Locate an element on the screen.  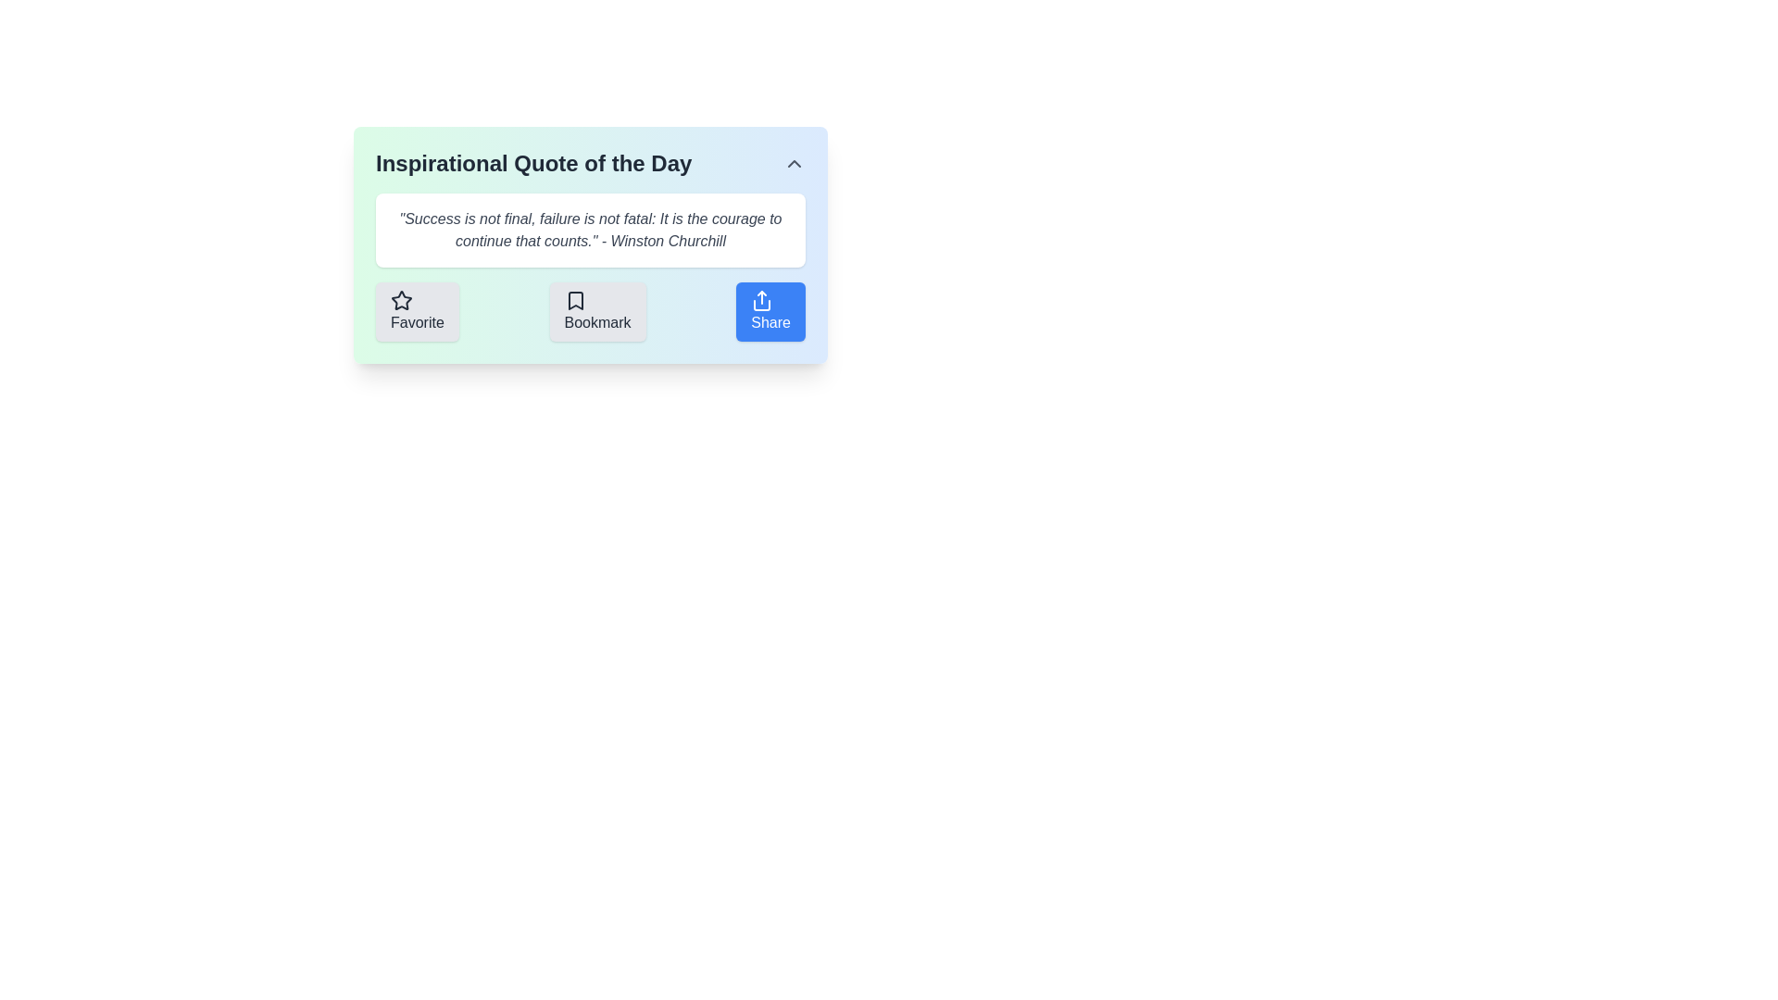
the bookmark-shaped icon within the 'Bookmark' button, which is centrally located among three buttons is located at coordinates (574, 299).